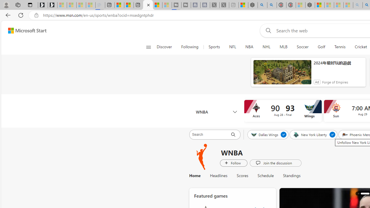 Image resolution: width=370 pixels, height=208 pixels. What do you see at coordinates (284, 134) in the screenshot?
I see `'Unfollow Dallas Wings'` at bounding box center [284, 134].